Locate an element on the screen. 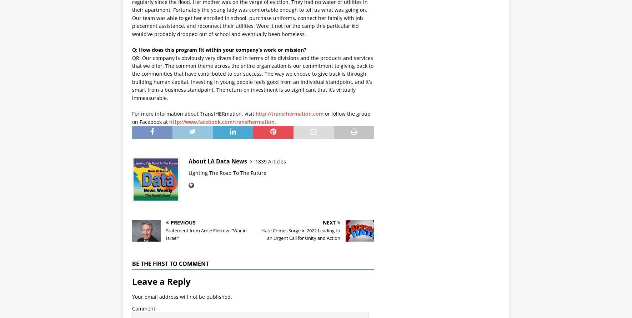 Image resolution: width=632 pixels, height=318 pixels. '.' is located at coordinates (275, 121).